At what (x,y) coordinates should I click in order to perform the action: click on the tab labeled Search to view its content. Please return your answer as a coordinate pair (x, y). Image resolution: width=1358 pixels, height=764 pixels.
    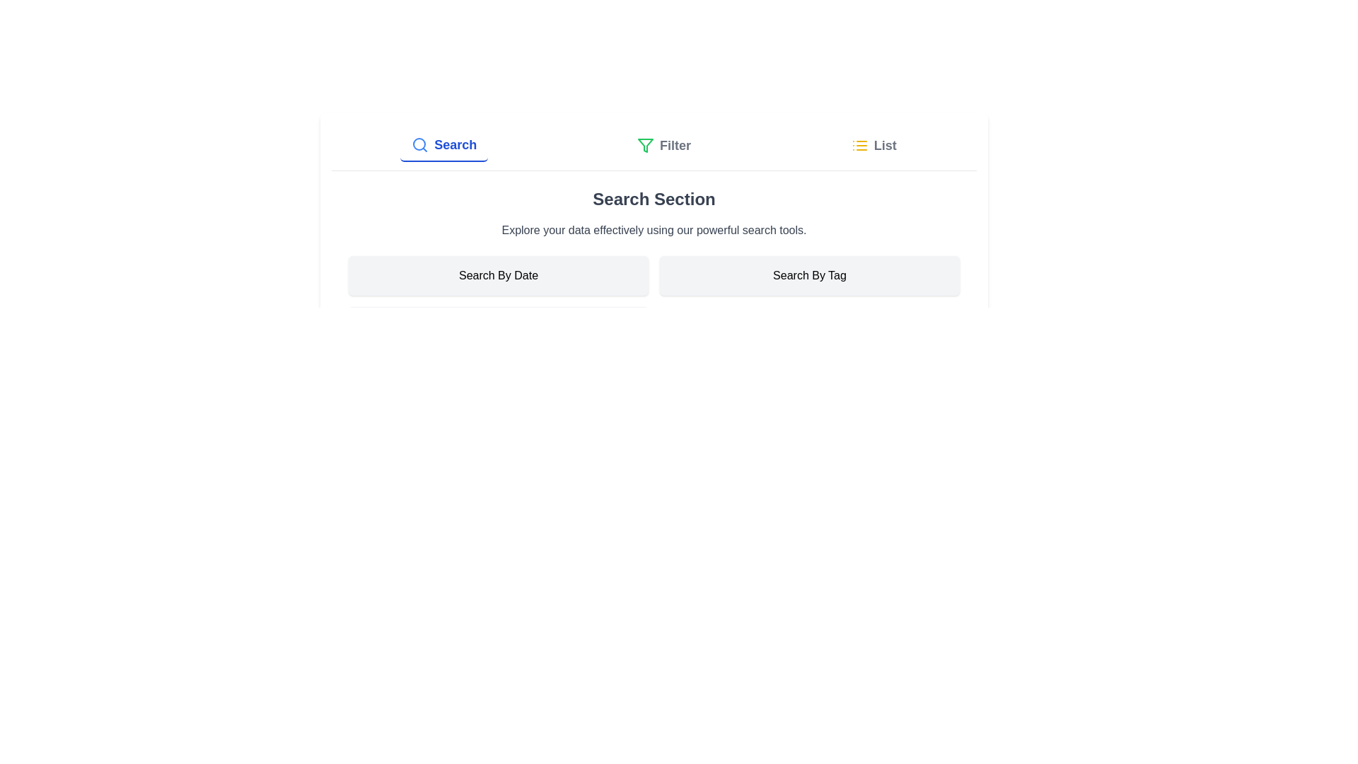
    Looking at the image, I should click on (443, 145).